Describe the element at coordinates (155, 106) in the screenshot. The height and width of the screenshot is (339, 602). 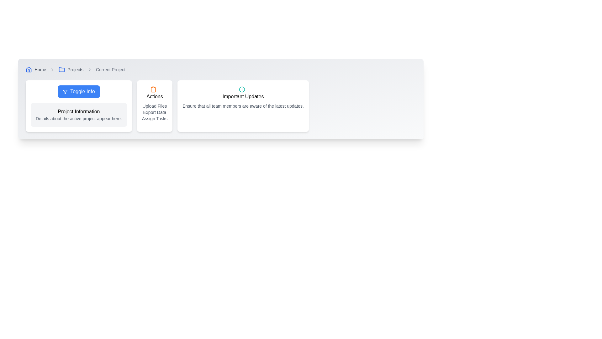
I see `the 'Upload Files' text label, which is the first item in the list of actions displayed under the 'Actions' section` at that location.